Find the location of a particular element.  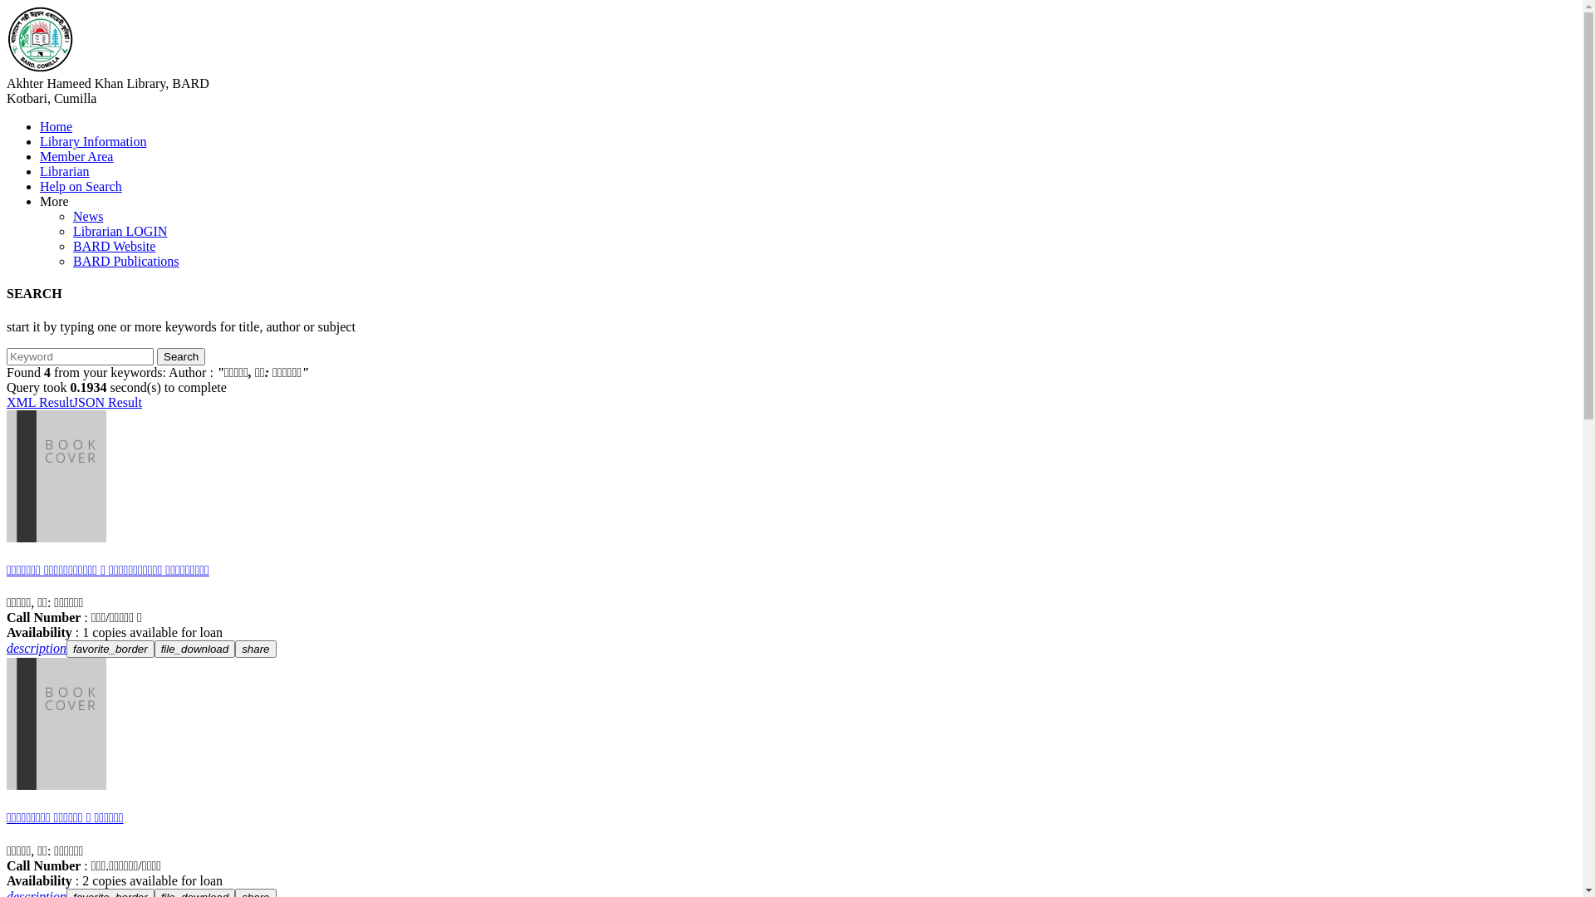

'favorite_border' is located at coordinates (110, 648).